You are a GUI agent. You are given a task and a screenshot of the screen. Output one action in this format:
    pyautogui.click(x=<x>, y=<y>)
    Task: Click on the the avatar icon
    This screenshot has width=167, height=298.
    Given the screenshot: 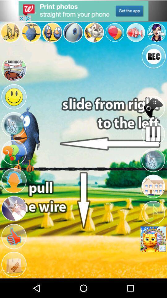 What is the action you would take?
    pyautogui.click(x=52, y=34)
    